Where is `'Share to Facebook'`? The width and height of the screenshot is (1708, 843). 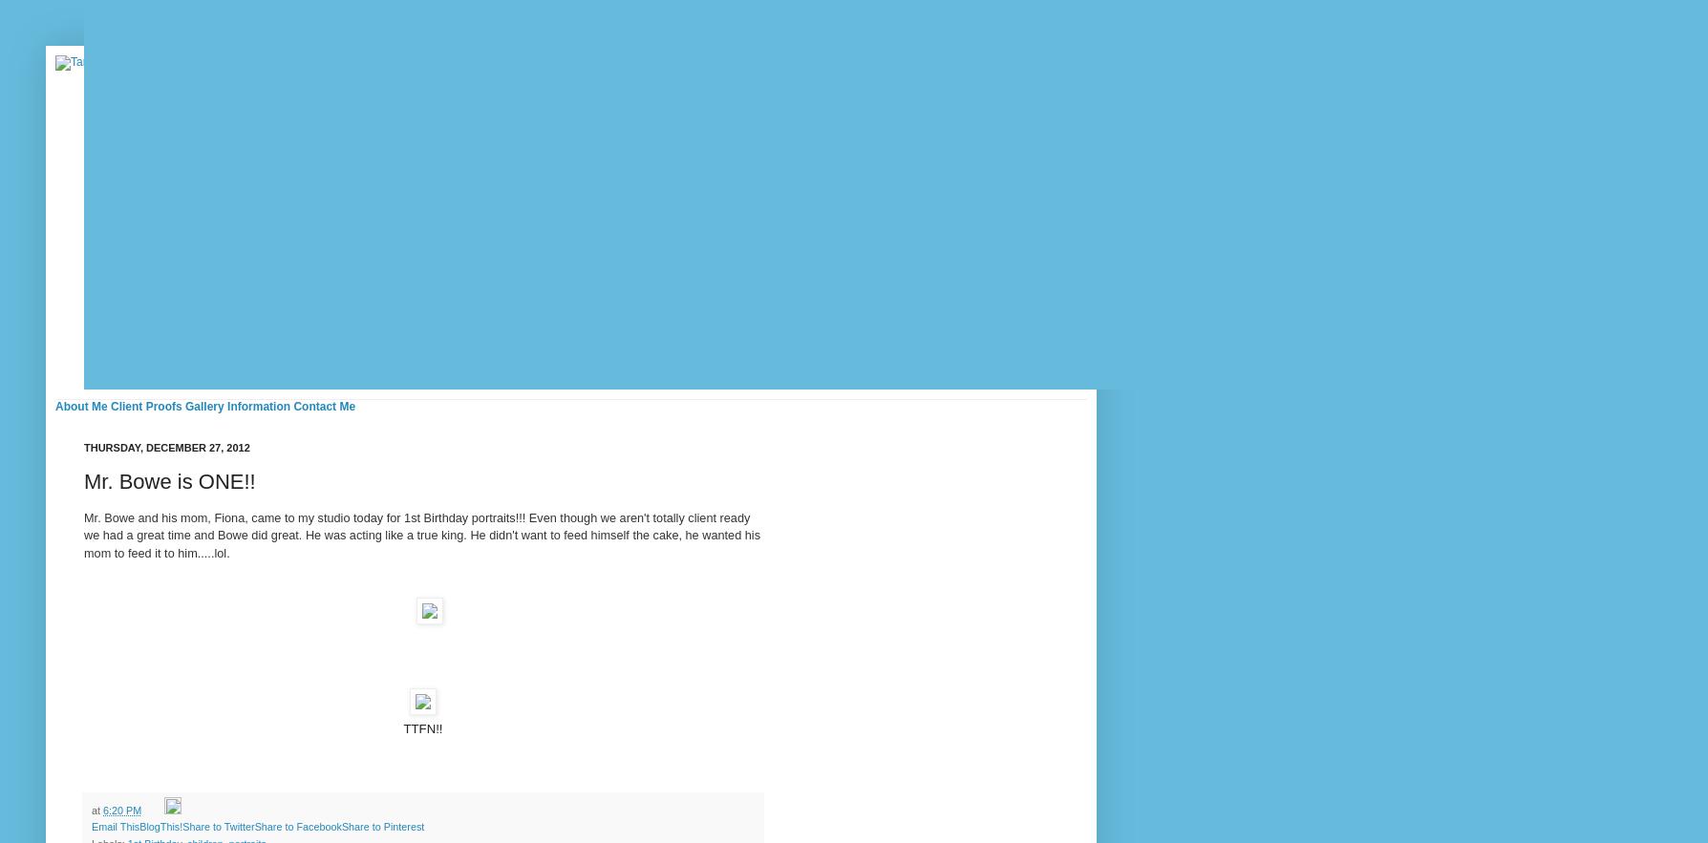 'Share to Facebook' is located at coordinates (296, 825).